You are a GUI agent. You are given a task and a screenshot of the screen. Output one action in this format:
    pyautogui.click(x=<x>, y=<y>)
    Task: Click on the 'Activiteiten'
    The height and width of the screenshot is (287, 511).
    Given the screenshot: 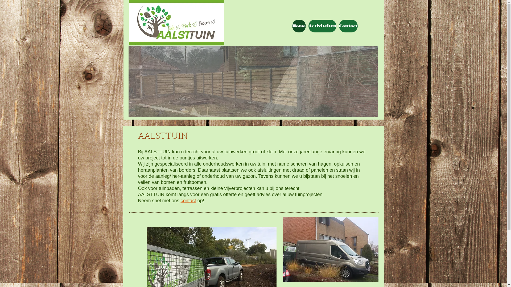 What is the action you would take?
    pyautogui.click(x=308, y=26)
    